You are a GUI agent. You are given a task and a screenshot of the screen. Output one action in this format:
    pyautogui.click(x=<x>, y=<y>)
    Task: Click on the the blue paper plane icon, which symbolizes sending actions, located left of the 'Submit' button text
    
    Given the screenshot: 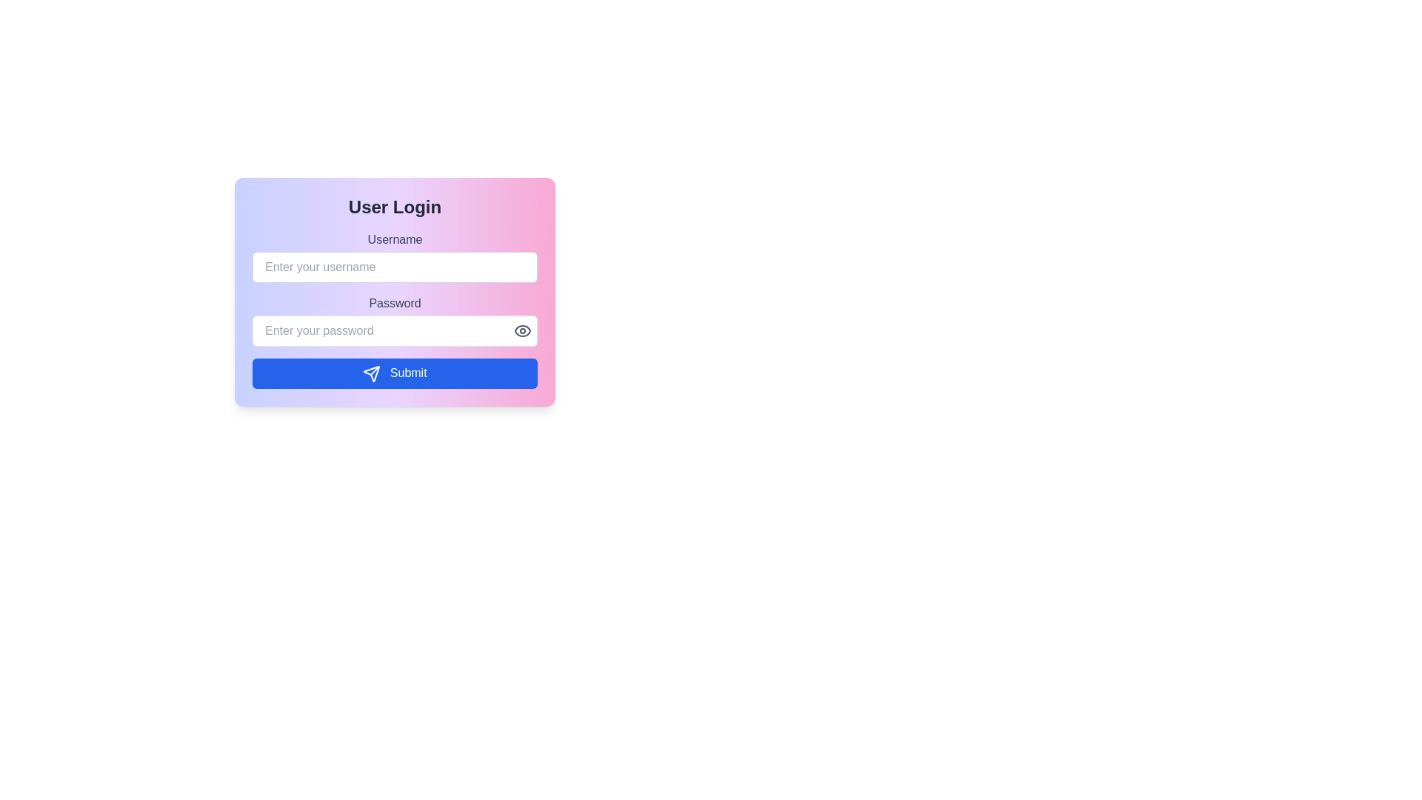 What is the action you would take?
    pyautogui.click(x=372, y=373)
    